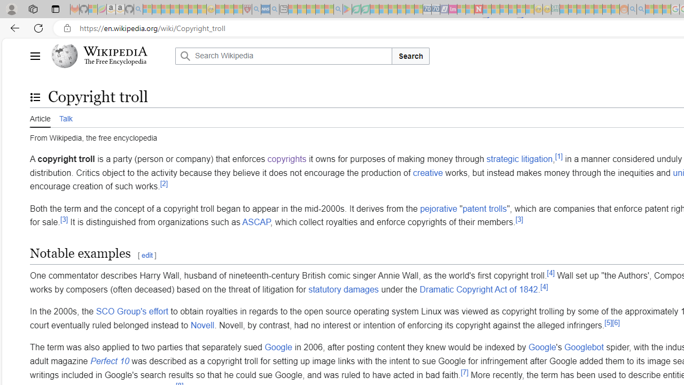 Image resolution: width=684 pixels, height=385 pixels. I want to click on 'Article', so click(40, 117).